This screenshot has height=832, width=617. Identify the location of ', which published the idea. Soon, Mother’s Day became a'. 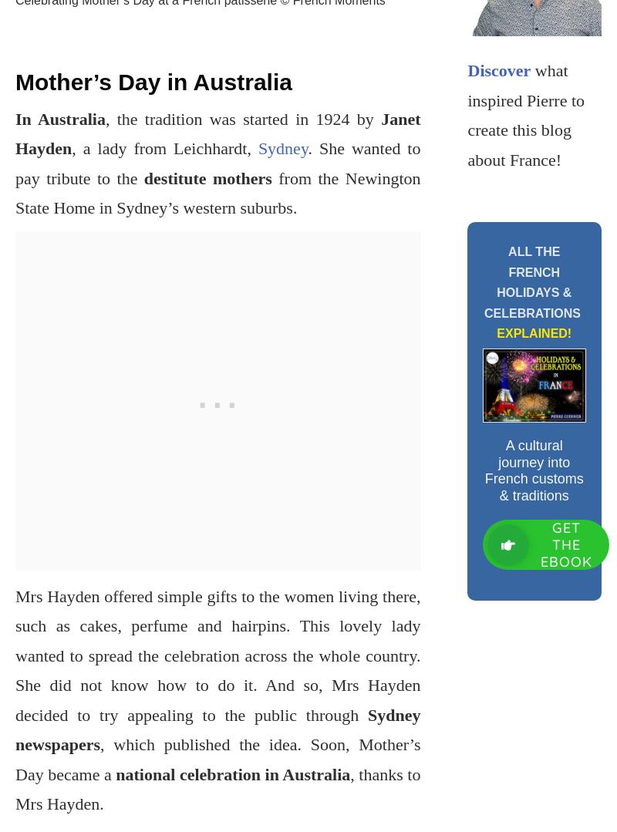
(217, 758).